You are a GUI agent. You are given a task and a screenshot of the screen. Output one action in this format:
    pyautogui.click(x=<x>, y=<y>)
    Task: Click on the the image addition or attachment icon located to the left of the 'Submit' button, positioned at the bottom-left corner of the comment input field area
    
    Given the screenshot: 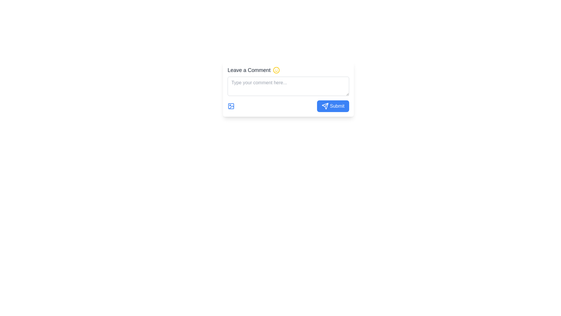 What is the action you would take?
    pyautogui.click(x=231, y=106)
    